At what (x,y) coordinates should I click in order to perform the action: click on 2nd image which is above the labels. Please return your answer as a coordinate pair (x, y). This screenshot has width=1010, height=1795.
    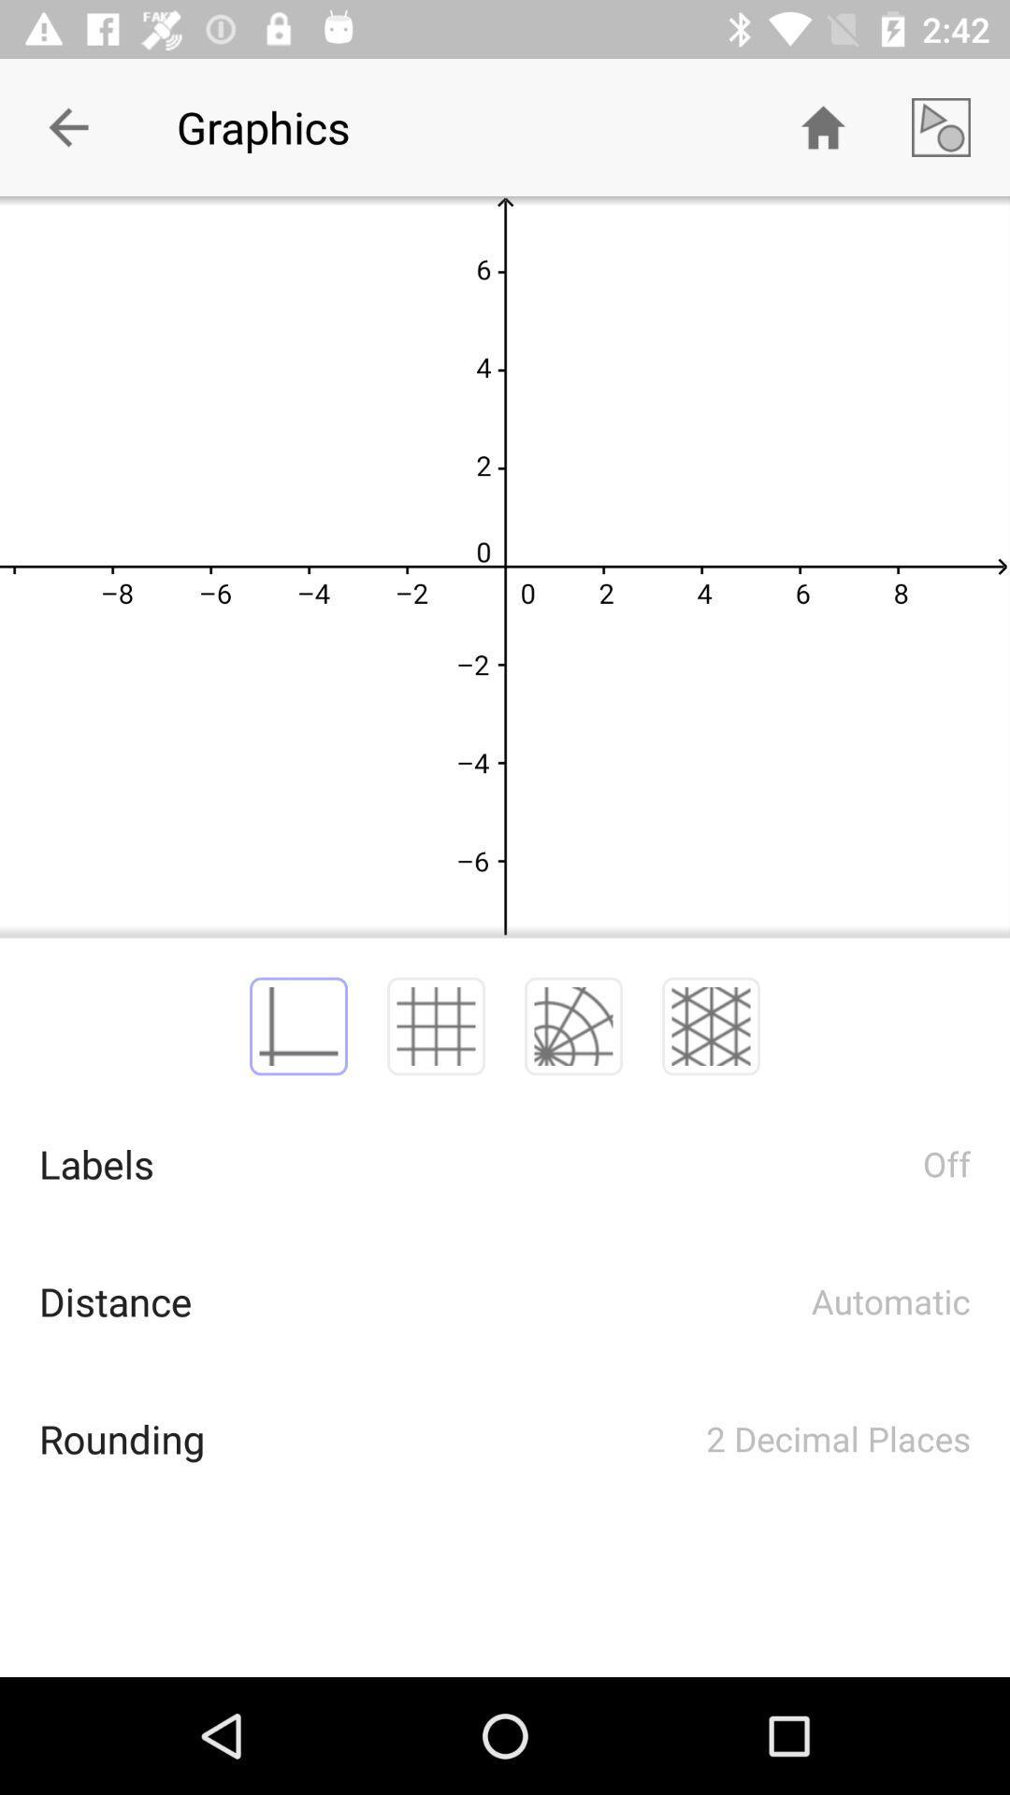
    Looking at the image, I should click on (436, 1026).